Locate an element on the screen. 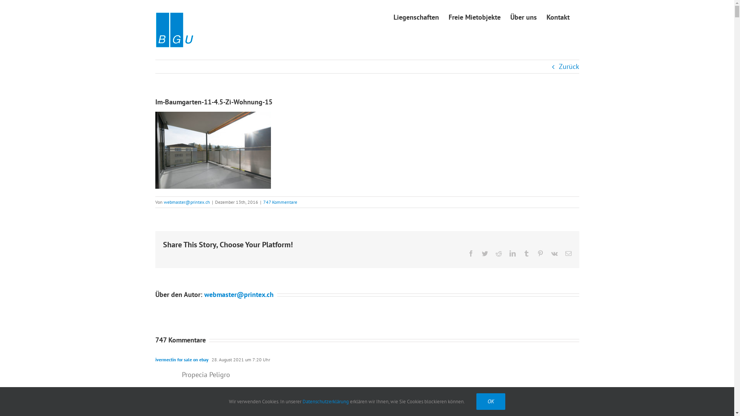 The width and height of the screenshot is (740, 416). 'Reddit' is located at coordinates (499, 253).